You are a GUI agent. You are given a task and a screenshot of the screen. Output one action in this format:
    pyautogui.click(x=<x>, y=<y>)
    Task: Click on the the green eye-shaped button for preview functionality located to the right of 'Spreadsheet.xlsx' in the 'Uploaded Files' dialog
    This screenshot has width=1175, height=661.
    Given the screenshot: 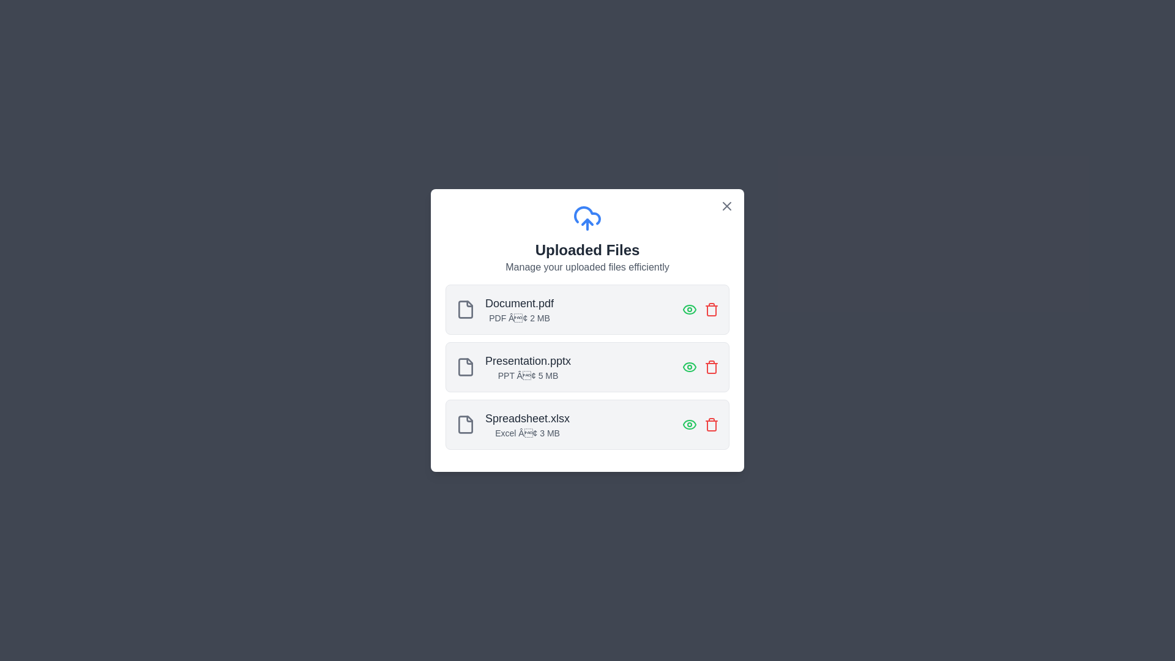 What is the action you would take?
    pyautogui.click(x=690, y=424)
    